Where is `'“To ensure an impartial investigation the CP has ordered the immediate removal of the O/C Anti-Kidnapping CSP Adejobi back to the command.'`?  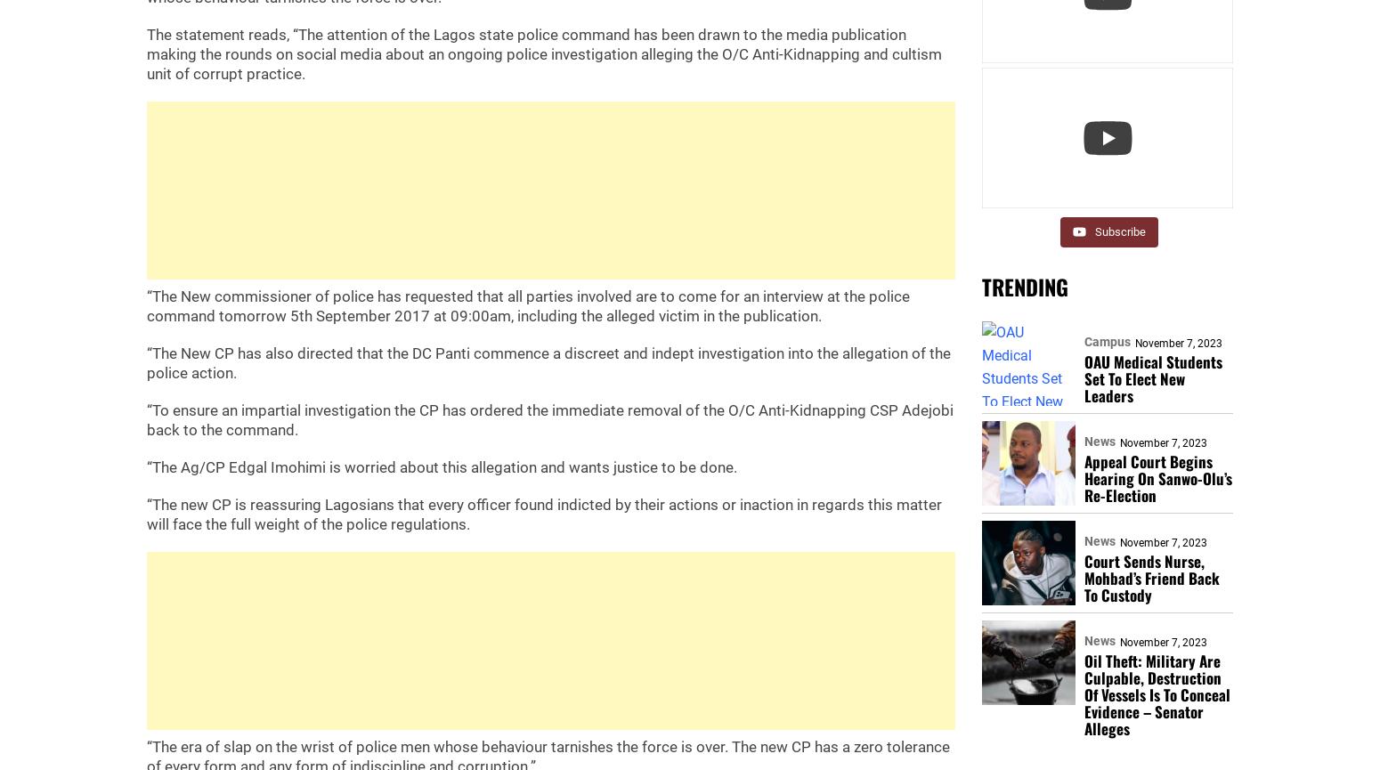
'“To ensure an impartial investigation the CP has ordered the immediate removal of the O/C Anti-Kidnapping CSP Adejobi back to the command.' is located at coordinates (549, 419).